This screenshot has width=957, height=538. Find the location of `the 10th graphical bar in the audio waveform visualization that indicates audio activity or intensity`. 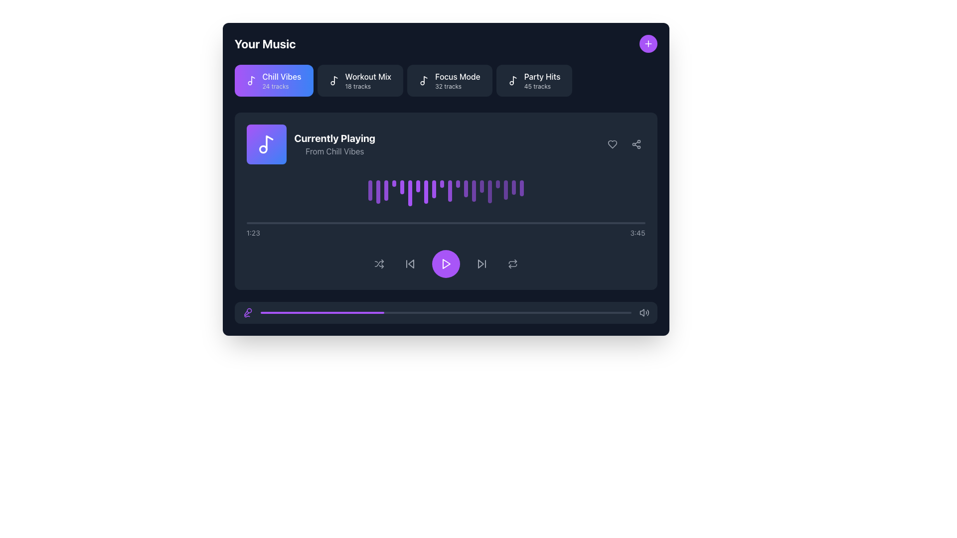

the 10th graphical bar in the audio waveform visualization that indicates audio activity or intensity is located at coordinates (441, 184).